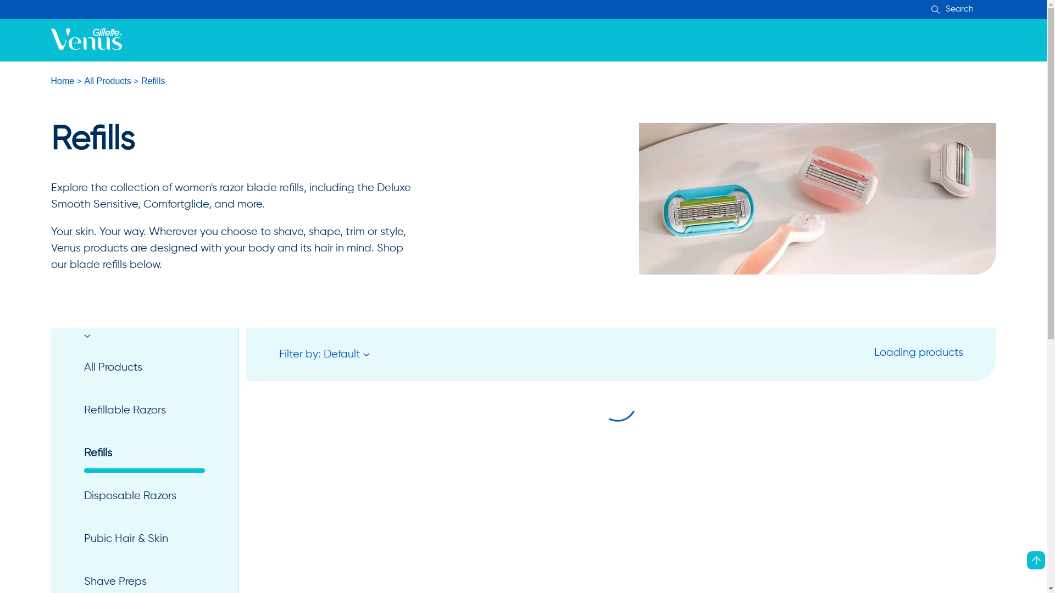  I want to click on 'Pubic Hair & Skin', so click(143, 539).